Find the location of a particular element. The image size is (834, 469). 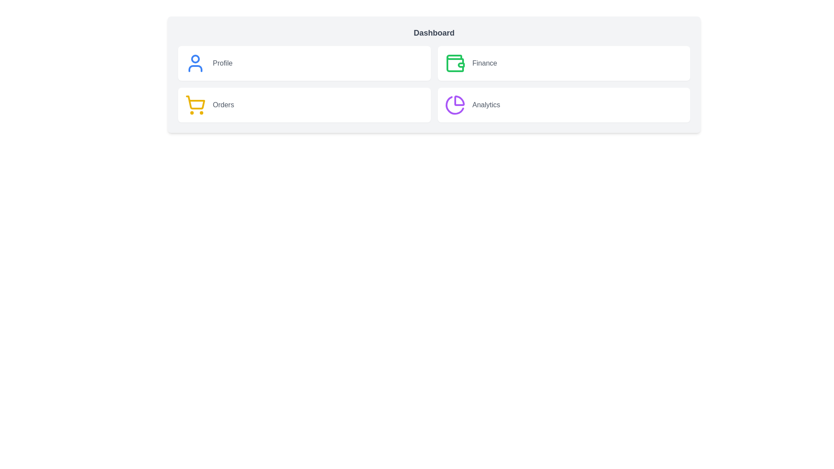

the circular element representing the user's head in the profile icon located at the top of the SVG graphic in the upper-left corner of the main dashboard area is located at coordinates (195, 59).